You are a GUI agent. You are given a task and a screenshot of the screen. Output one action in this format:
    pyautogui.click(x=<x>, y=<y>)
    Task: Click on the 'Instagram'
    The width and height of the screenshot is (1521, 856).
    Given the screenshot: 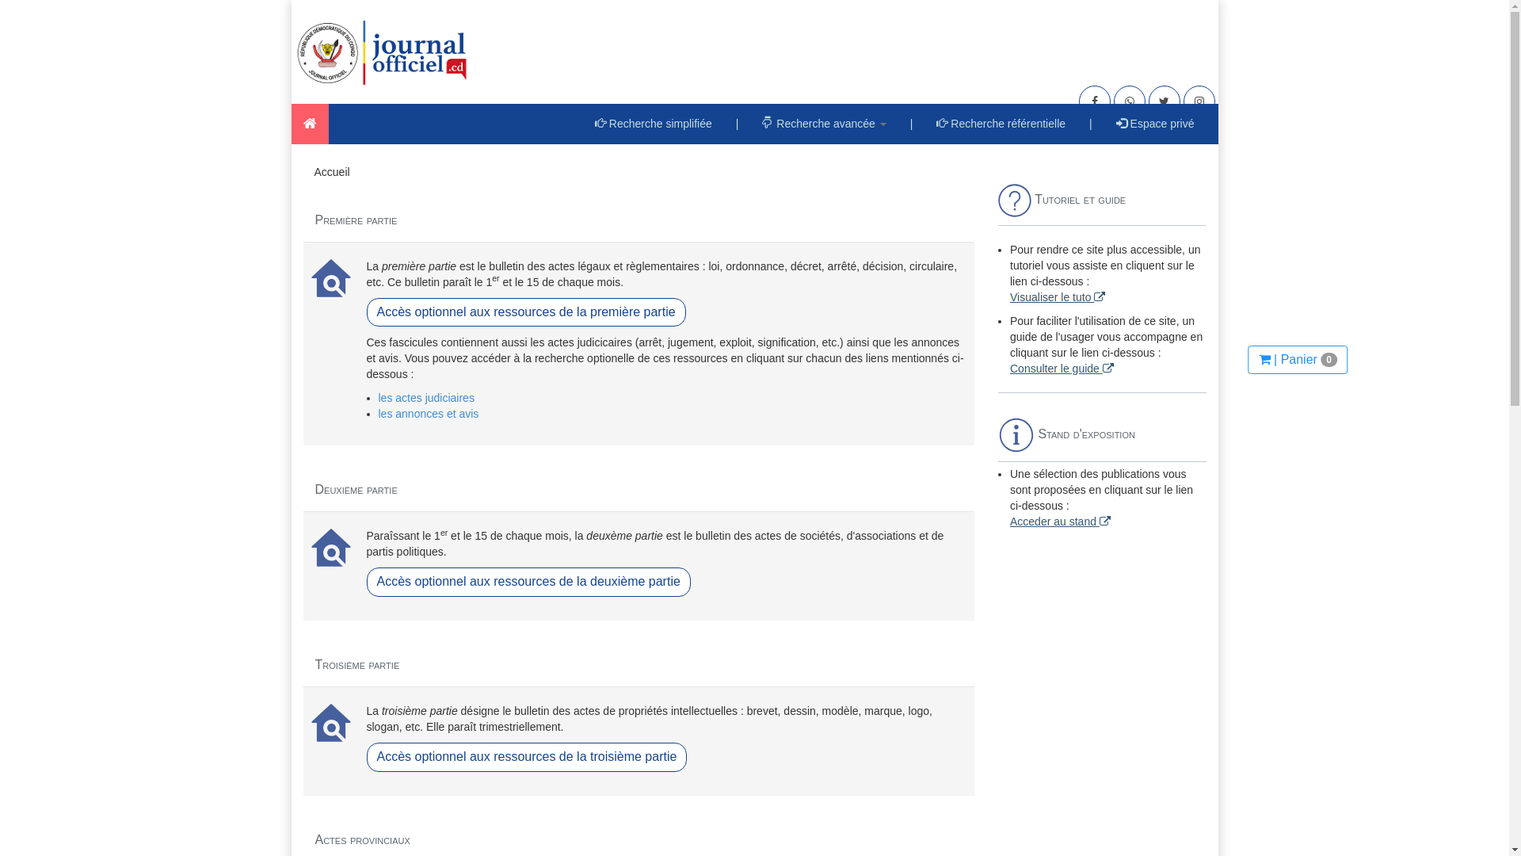 What is the action you would take?
    pyautogui.click(x=1199, y=101)
    